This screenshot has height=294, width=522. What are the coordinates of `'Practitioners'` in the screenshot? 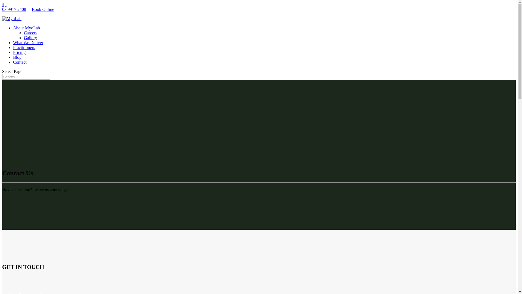 It's located at (13, 47).